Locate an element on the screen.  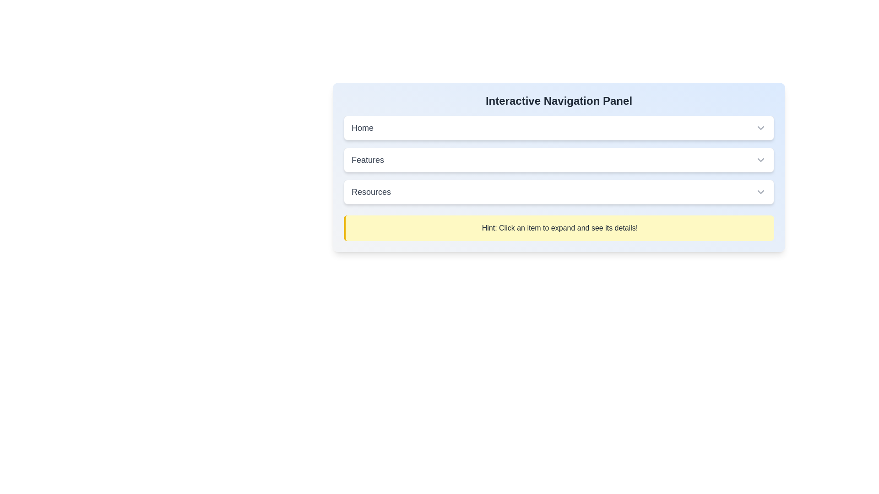
the Interactive dropdown toggle button located in the navigation panel is located at coordinates (558, 160).